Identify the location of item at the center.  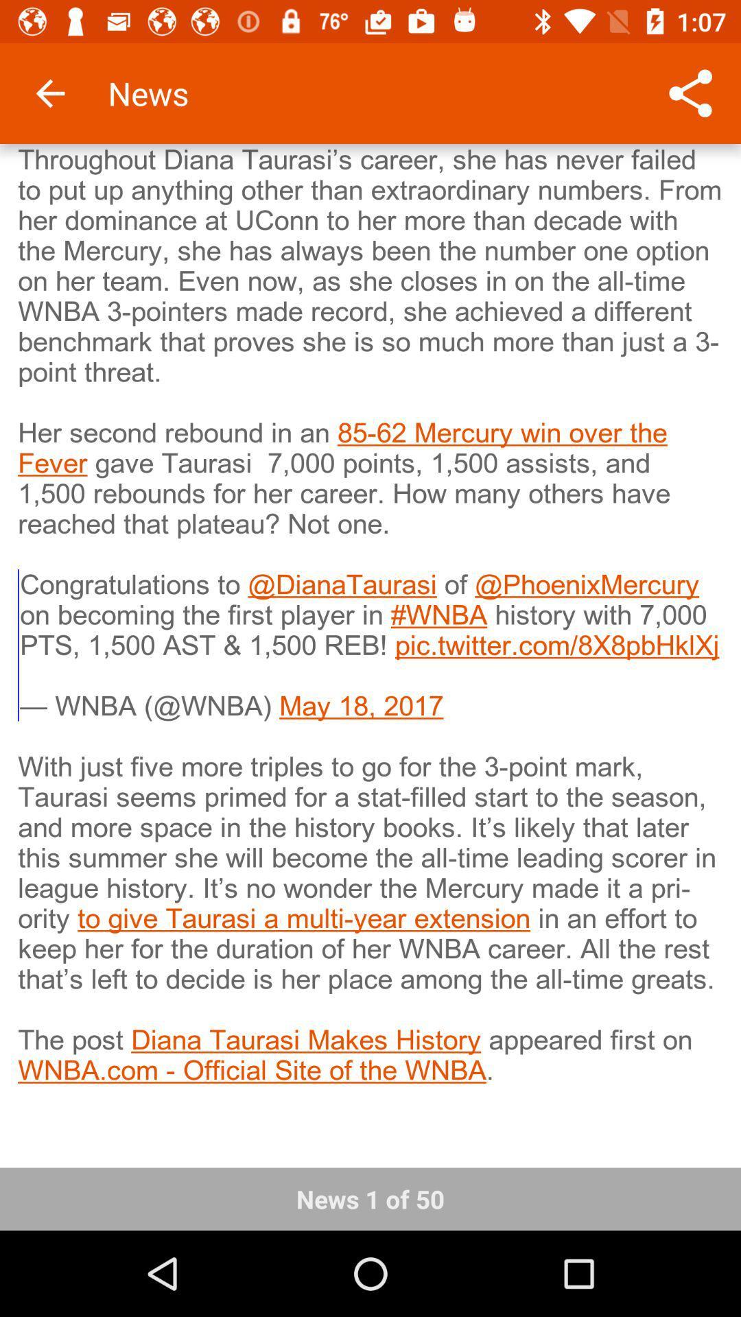
(370, 646).